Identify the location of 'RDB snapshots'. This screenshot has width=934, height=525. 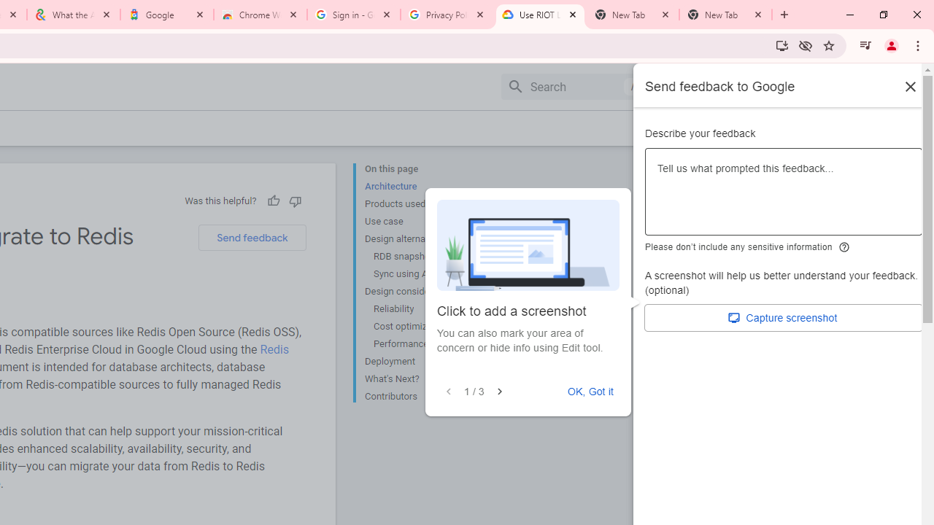
(427, 256).